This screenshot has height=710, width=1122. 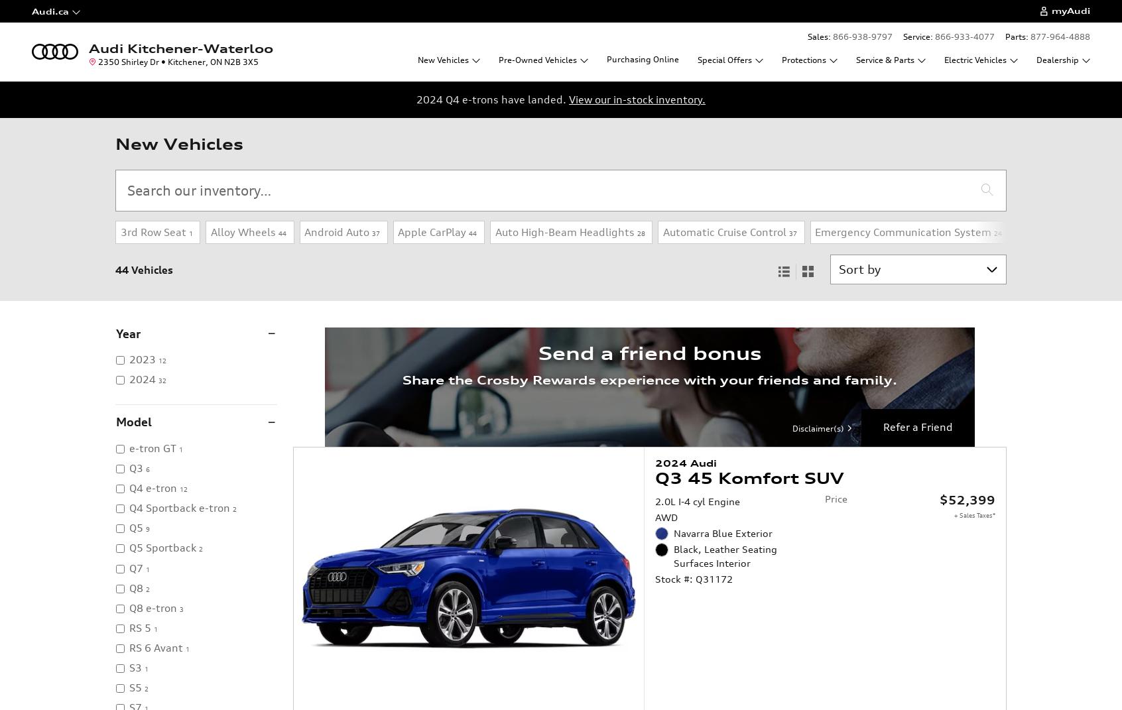 What do you see at coordinates (684, 462) in the screenshot?
I see `'2024 Audi'` at bounding box center [684, 462].